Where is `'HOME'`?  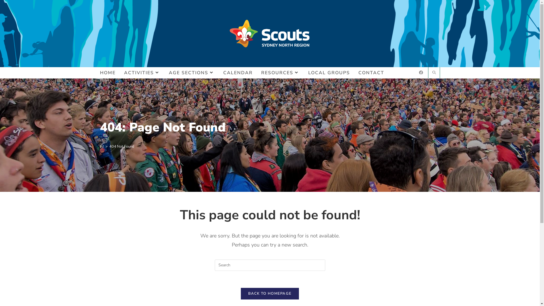 'HOME' is located at coordinates (108, 73).